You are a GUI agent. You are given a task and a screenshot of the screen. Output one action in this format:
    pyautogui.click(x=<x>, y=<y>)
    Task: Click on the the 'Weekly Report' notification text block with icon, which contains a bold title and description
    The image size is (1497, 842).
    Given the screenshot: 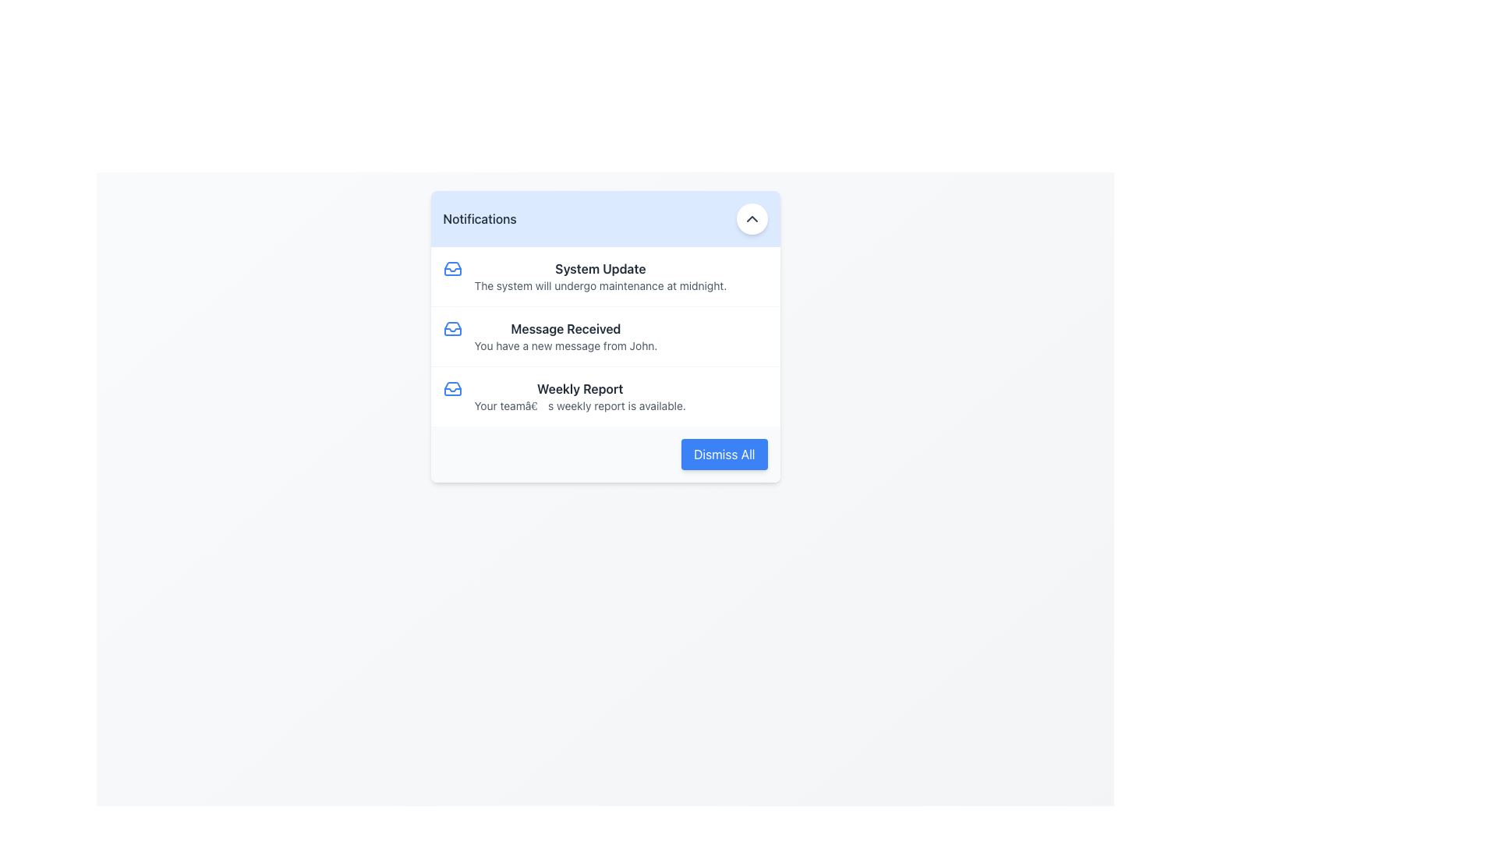 What is the action you would take?
    pyautogui.click(x=604, y=396)
    